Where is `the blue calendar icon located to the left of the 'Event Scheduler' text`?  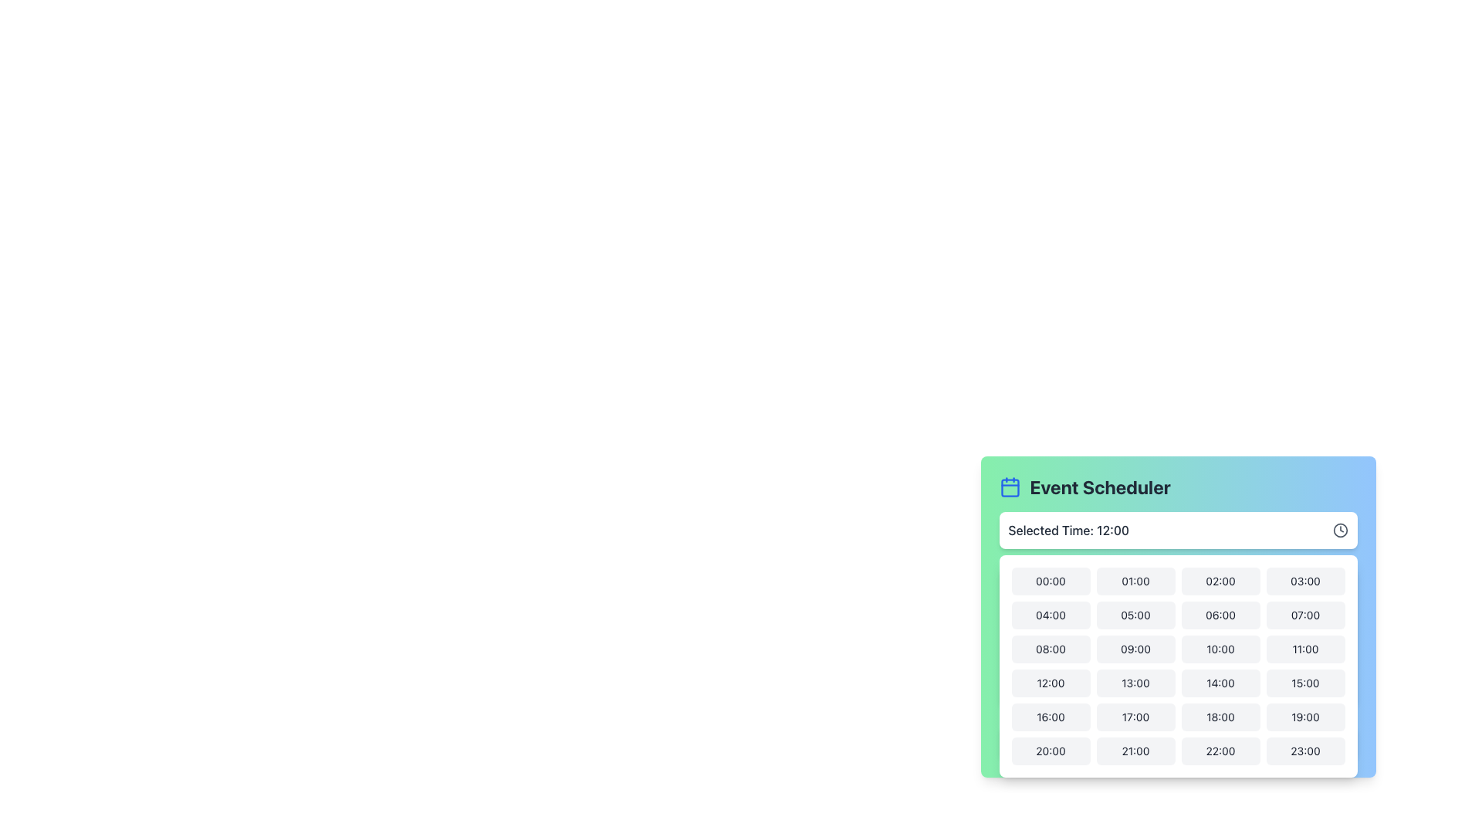 the blue calendar icon located to the left of the 'Event Scheduler' text is located at coordinates (1010, 487).